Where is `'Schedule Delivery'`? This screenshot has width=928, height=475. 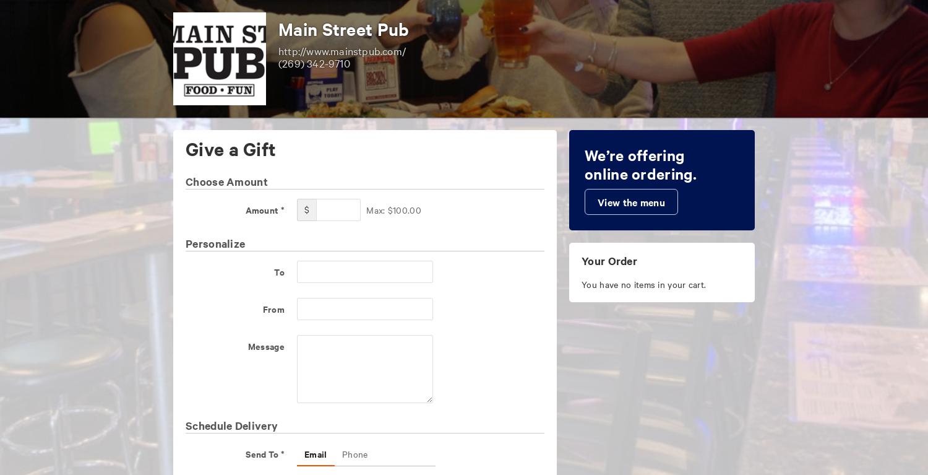
'Schedule Delivery' is located at coordinates (231, 425).